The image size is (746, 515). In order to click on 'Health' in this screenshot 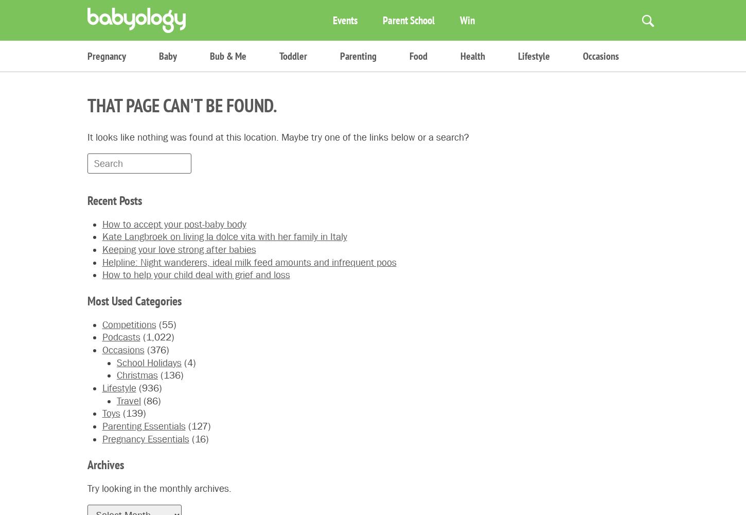, I will do `click(472, 56)`.